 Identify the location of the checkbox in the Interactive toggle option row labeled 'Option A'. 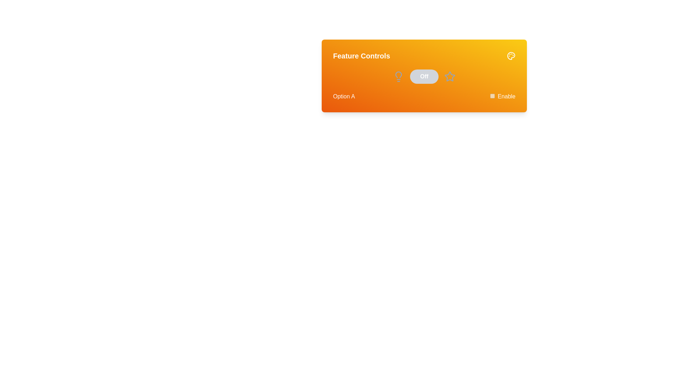
(424, 96).